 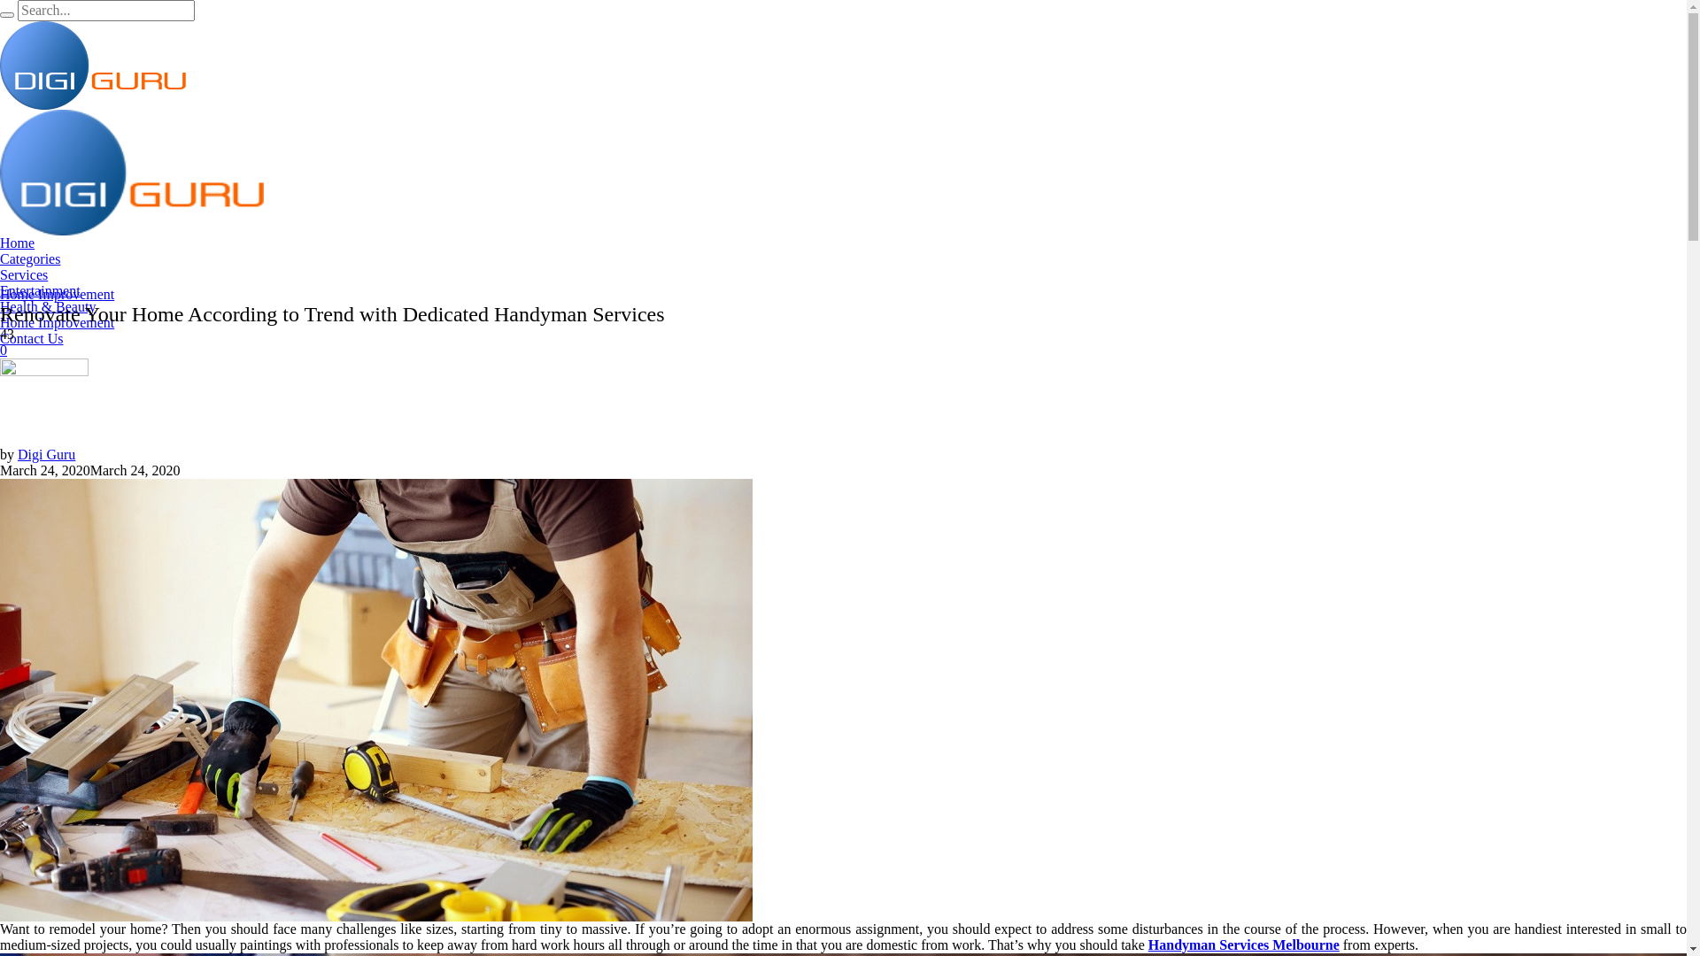 I want to click on 'Digital Guru', so click(x=130, y=117).